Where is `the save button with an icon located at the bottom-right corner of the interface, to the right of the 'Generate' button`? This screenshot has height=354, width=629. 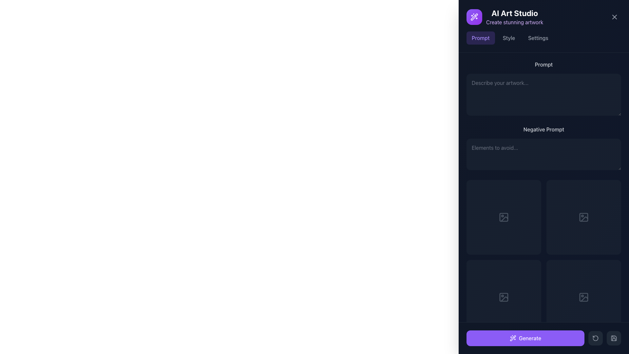 the save button with an icon located at the bottom-right corner of the interface, to the right of the 'Generate' button is located at coordinates (613, 338).